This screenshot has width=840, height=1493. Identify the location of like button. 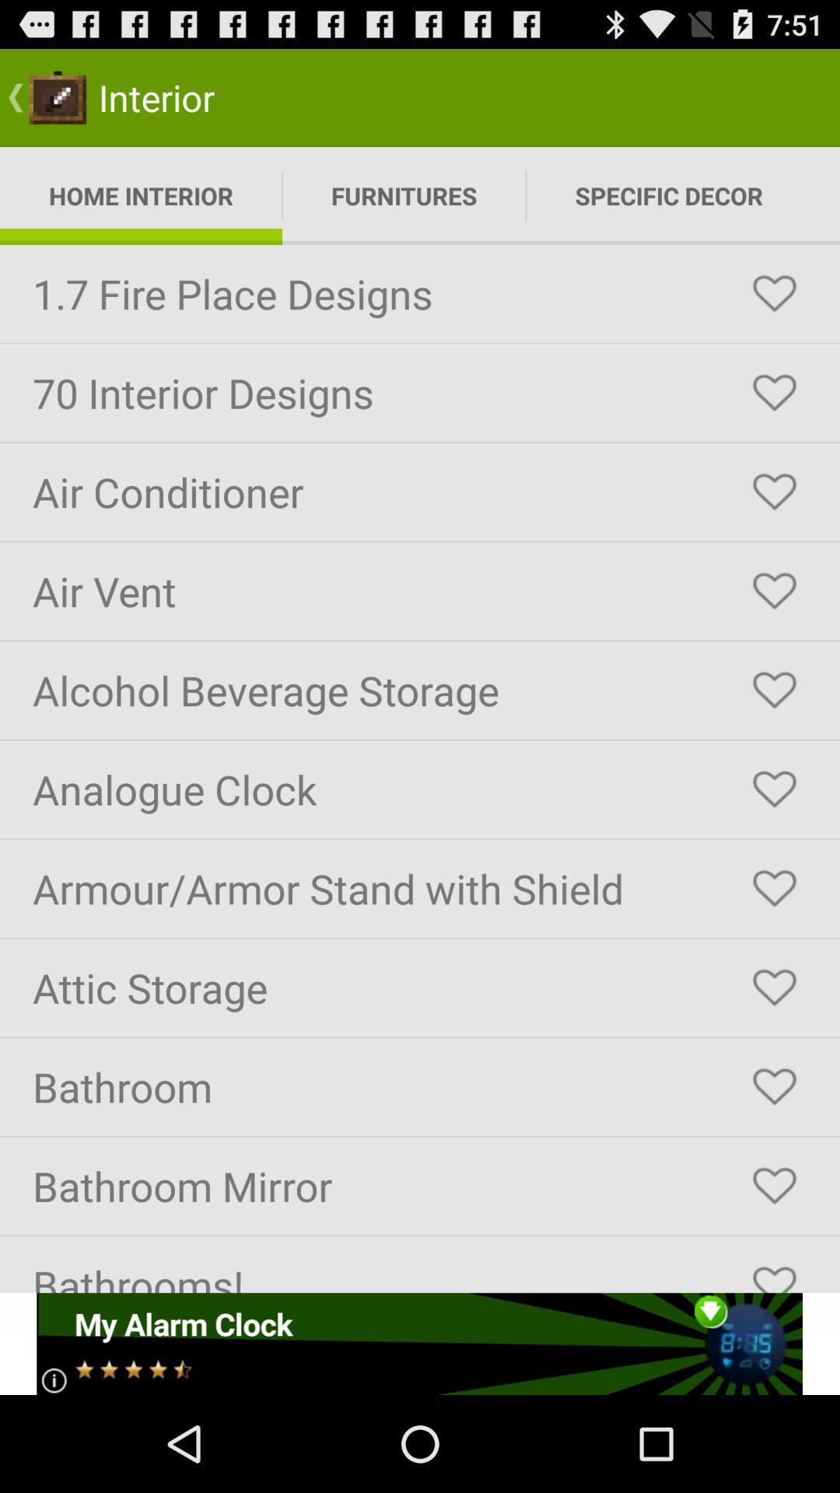
(774, 789).